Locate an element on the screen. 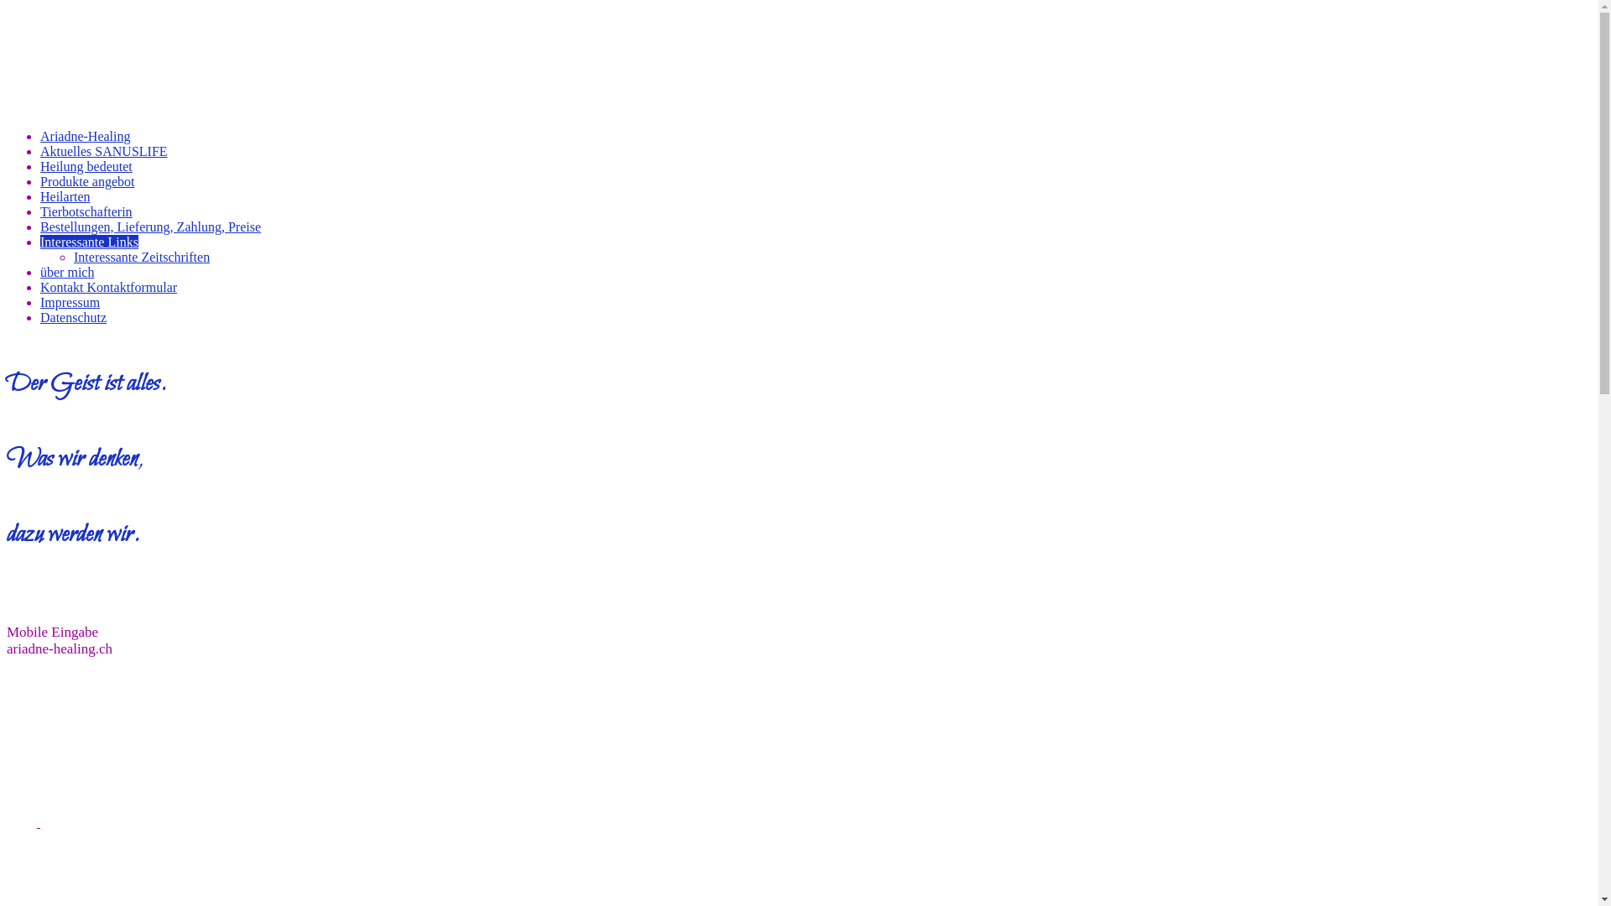 The width and height of the screenshot is (1611, 906). 'Impressum' is located at coordinates (69, 302).